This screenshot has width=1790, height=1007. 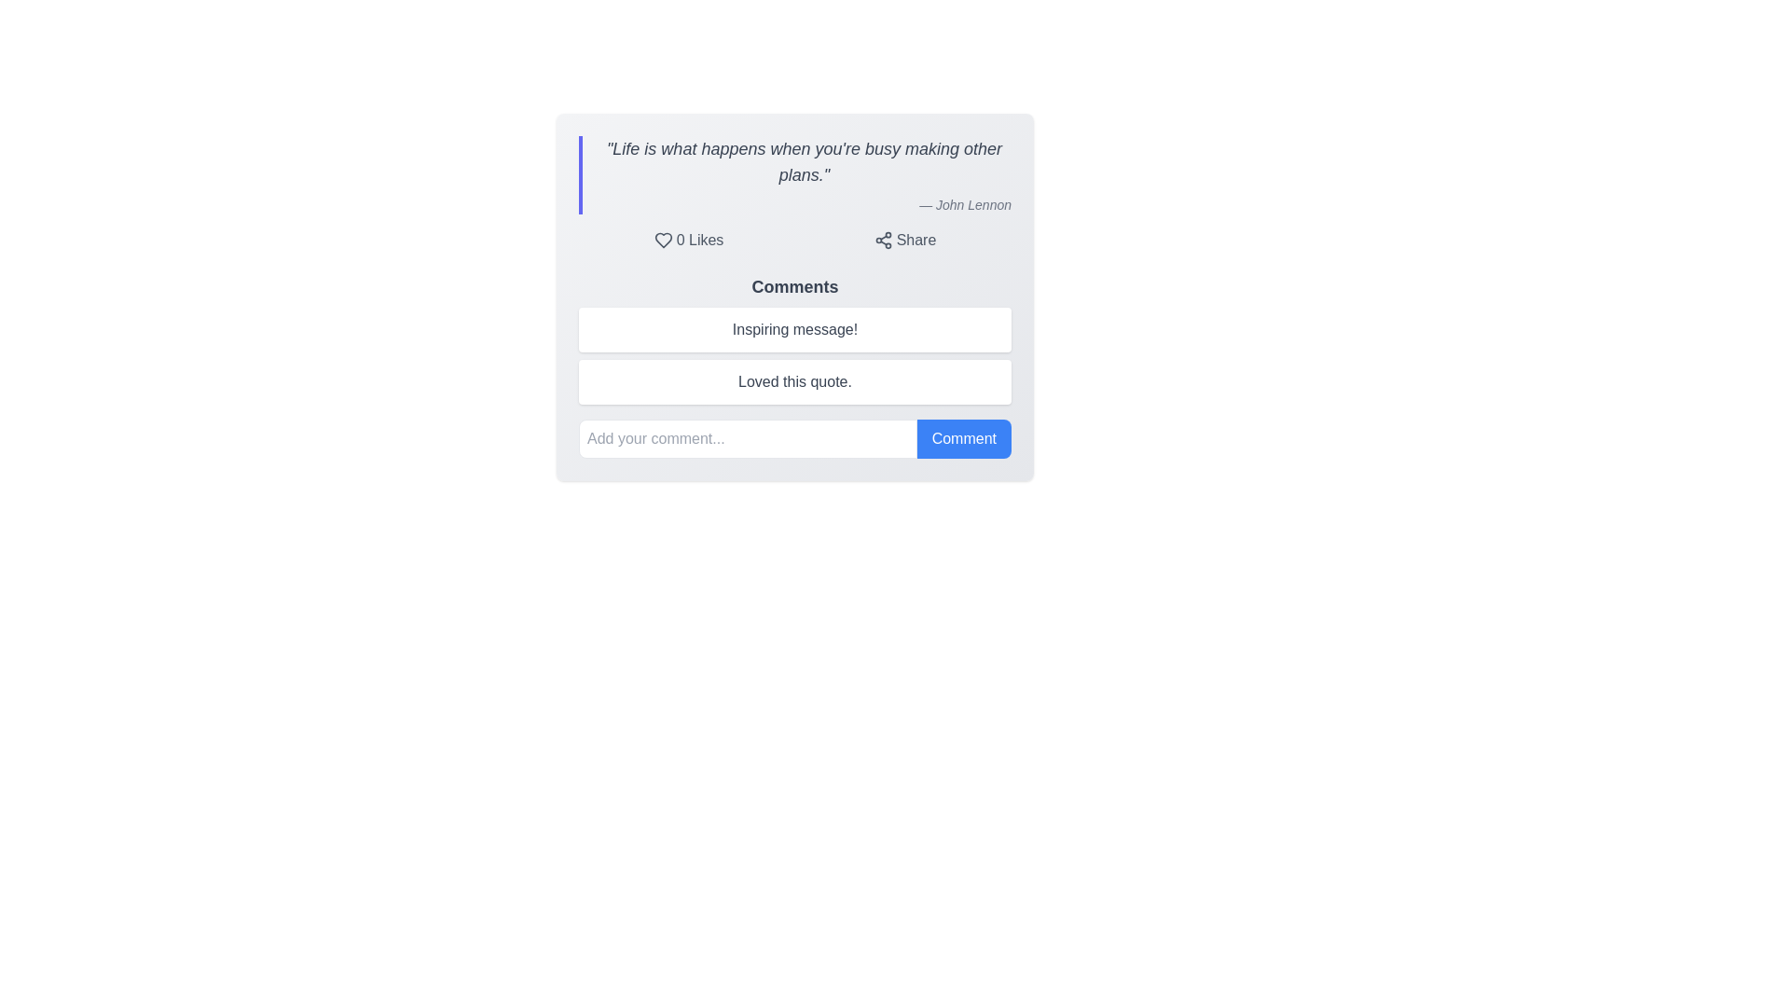 I want to click on the text display element that reads 'Loved this quote.' which is styled with a white background and rounded corners, located in the 'Comments' section, so click(x=795, y=366).